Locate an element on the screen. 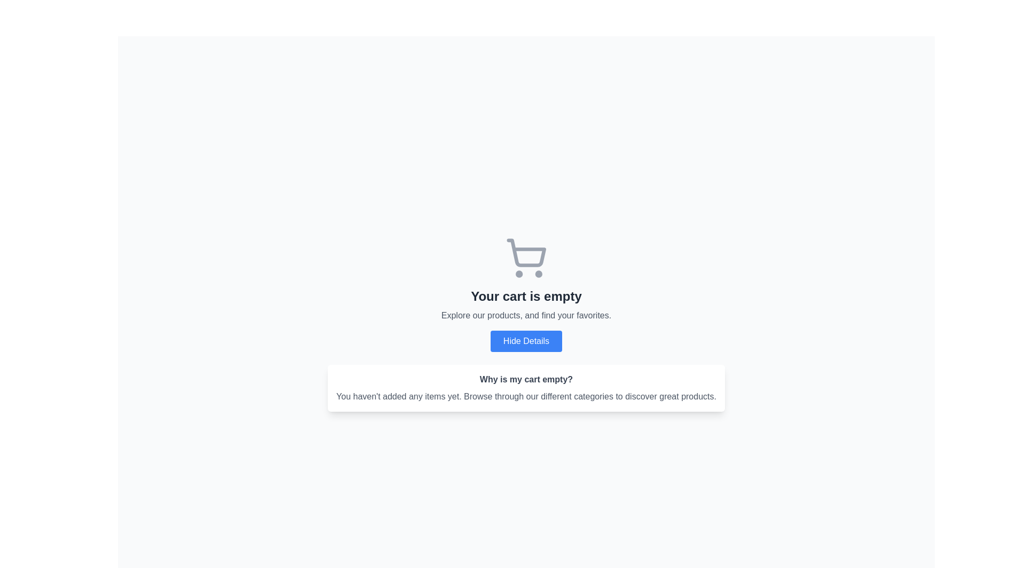 This screenshot has height=576, width=1025. the shopping cart icon, which is a gray line-art style icon centrally located above the 'Your cart is empty' text is located at coordinates (526, 258).